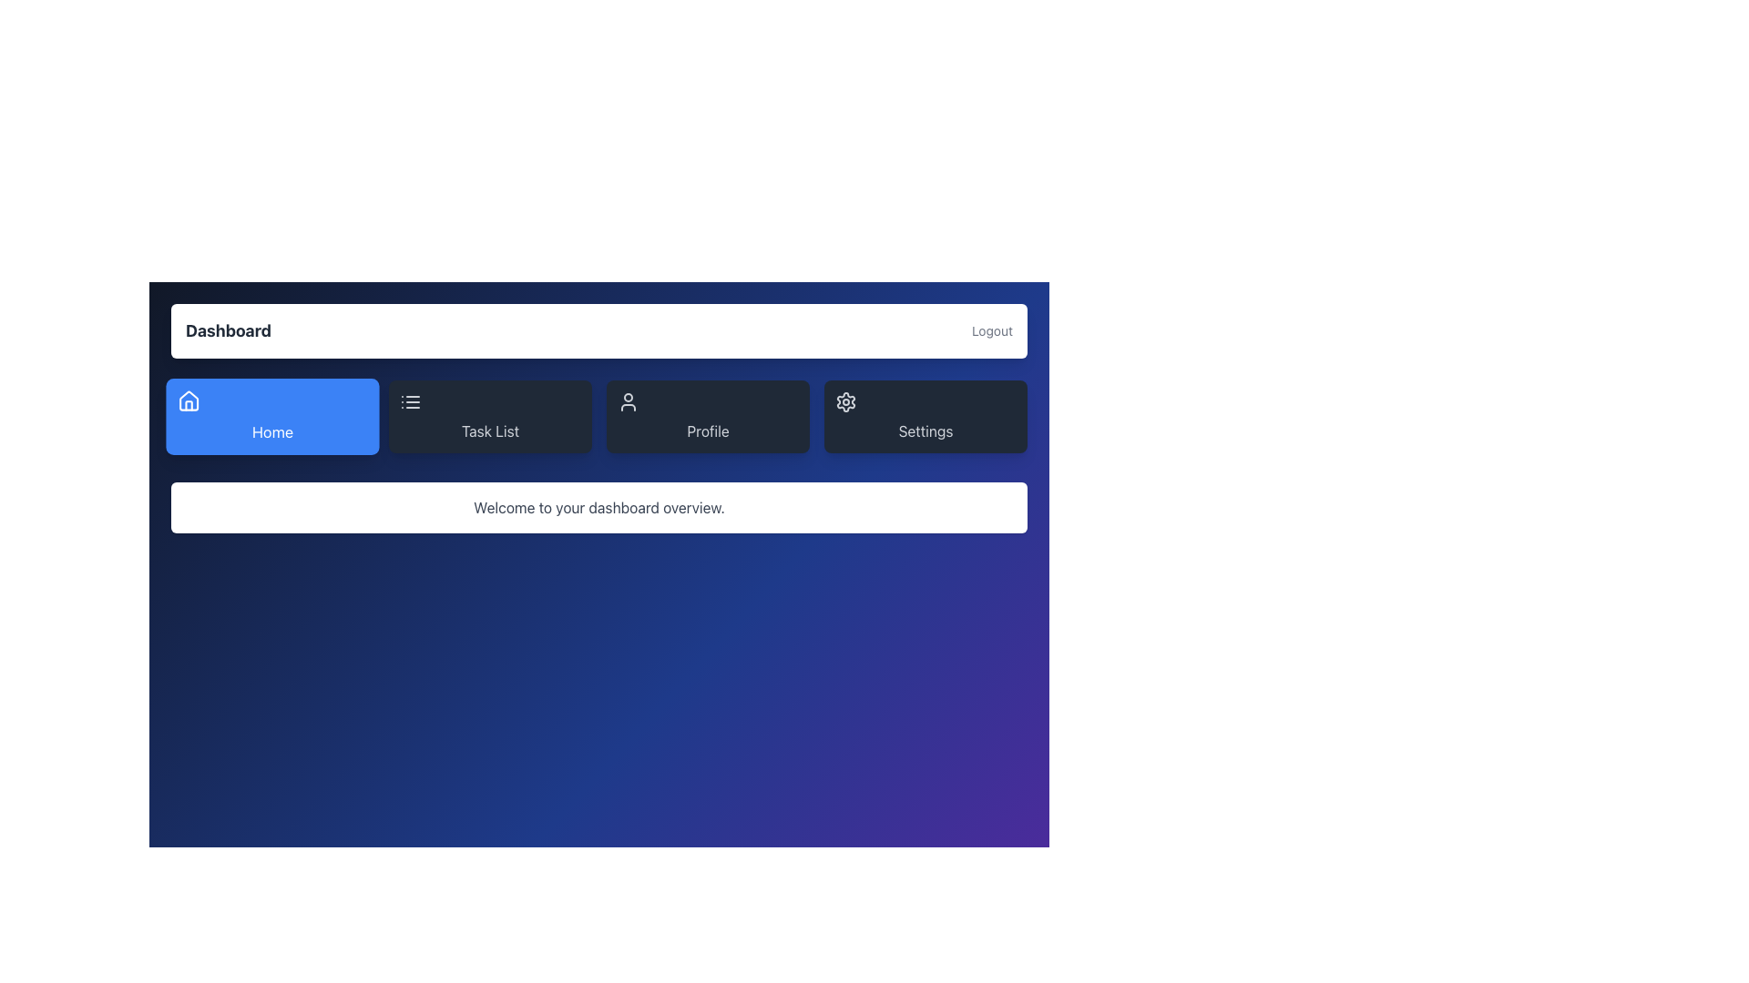 The image size is (1749, 983). What do you see at coordinates (845, 401) in the screenshot?
I see `the gear icon located at the rightmost side of the horizontal navigation menu` at bounding box center [845, 401].